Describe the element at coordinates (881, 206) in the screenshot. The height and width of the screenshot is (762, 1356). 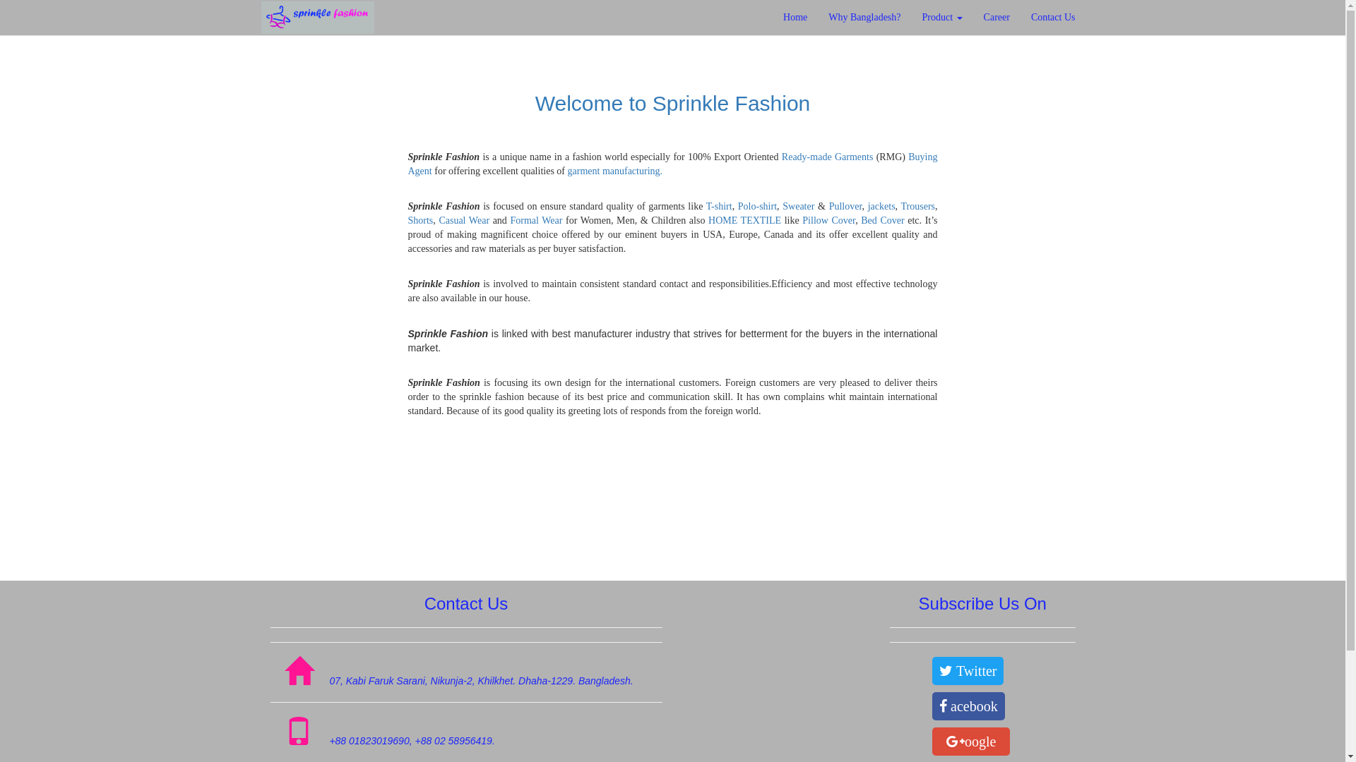
I see `'jackets'` at that location.